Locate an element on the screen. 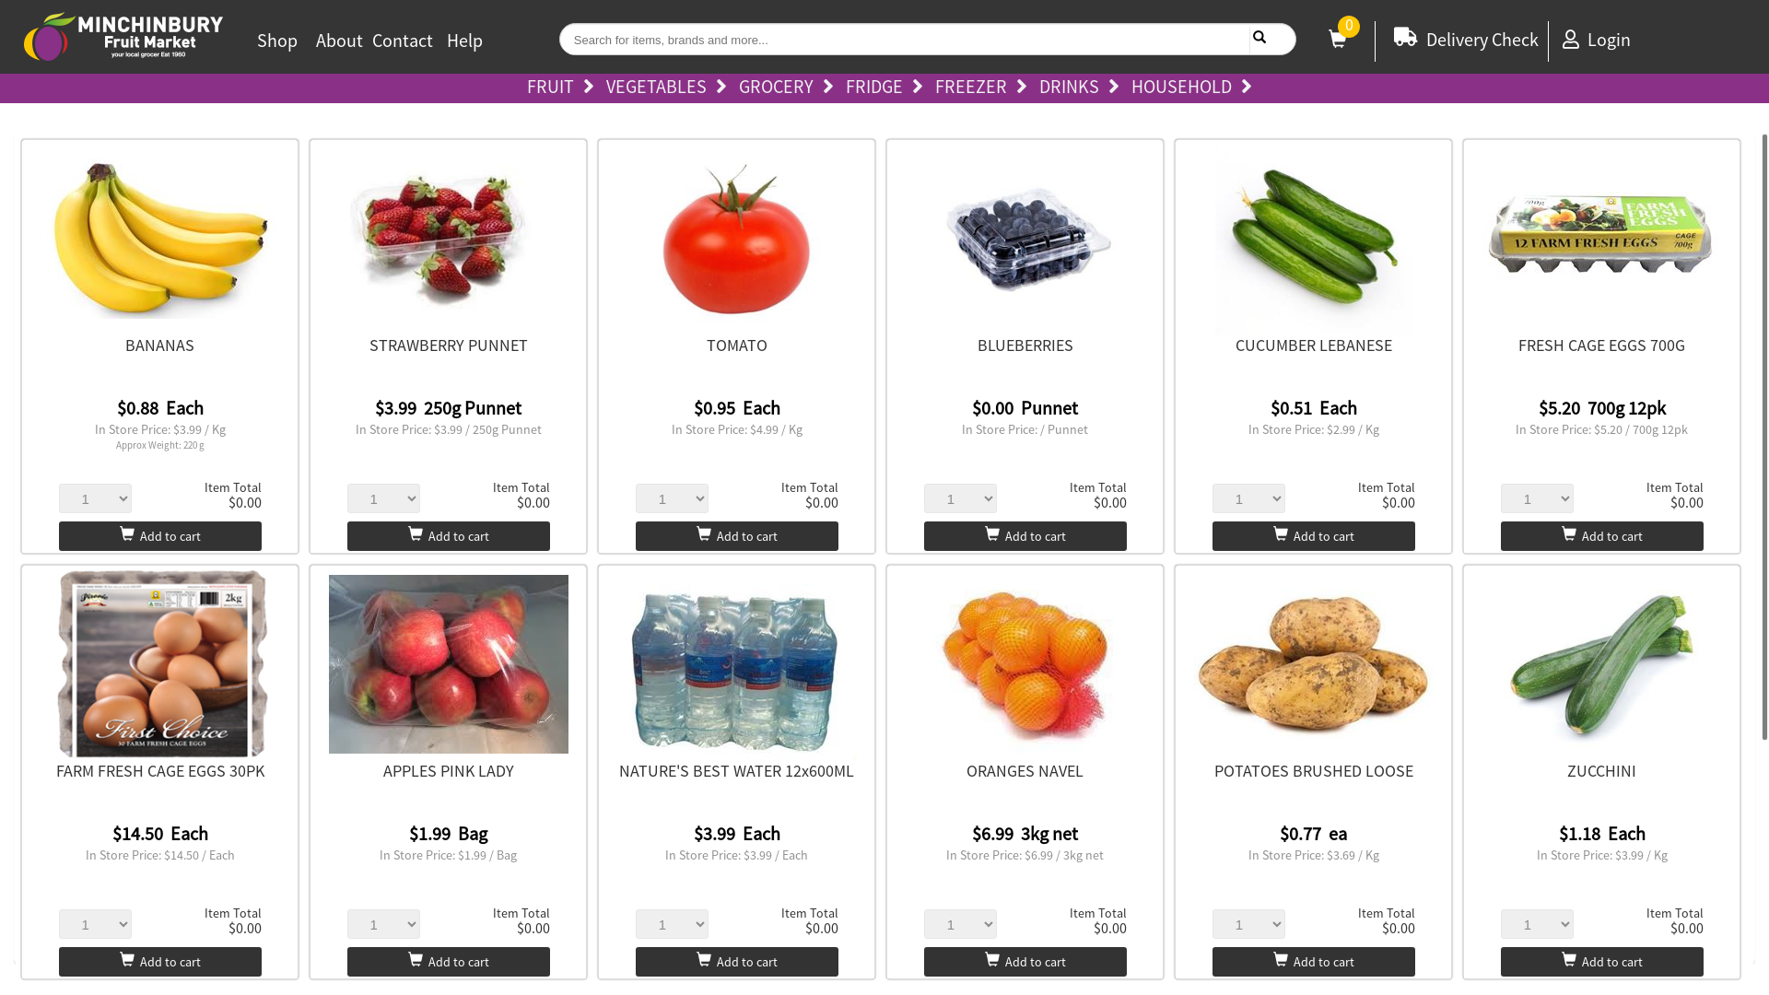 The image size is (1769, 995). 'Show details for BLUEBERRIES' is located at coordinates (1025, 237).